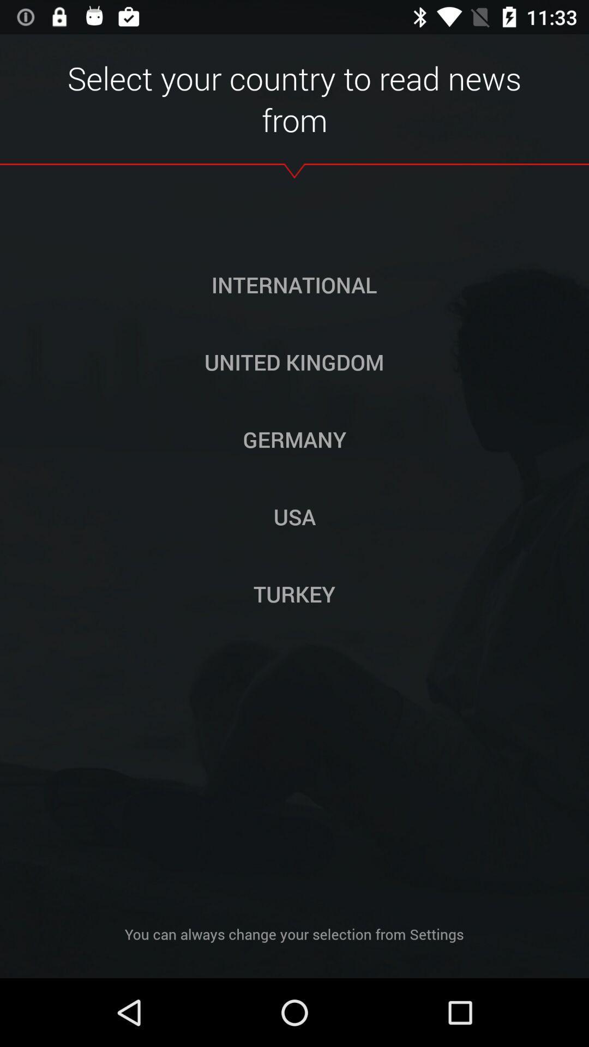  I want to click on germany button, so click(294, 439).